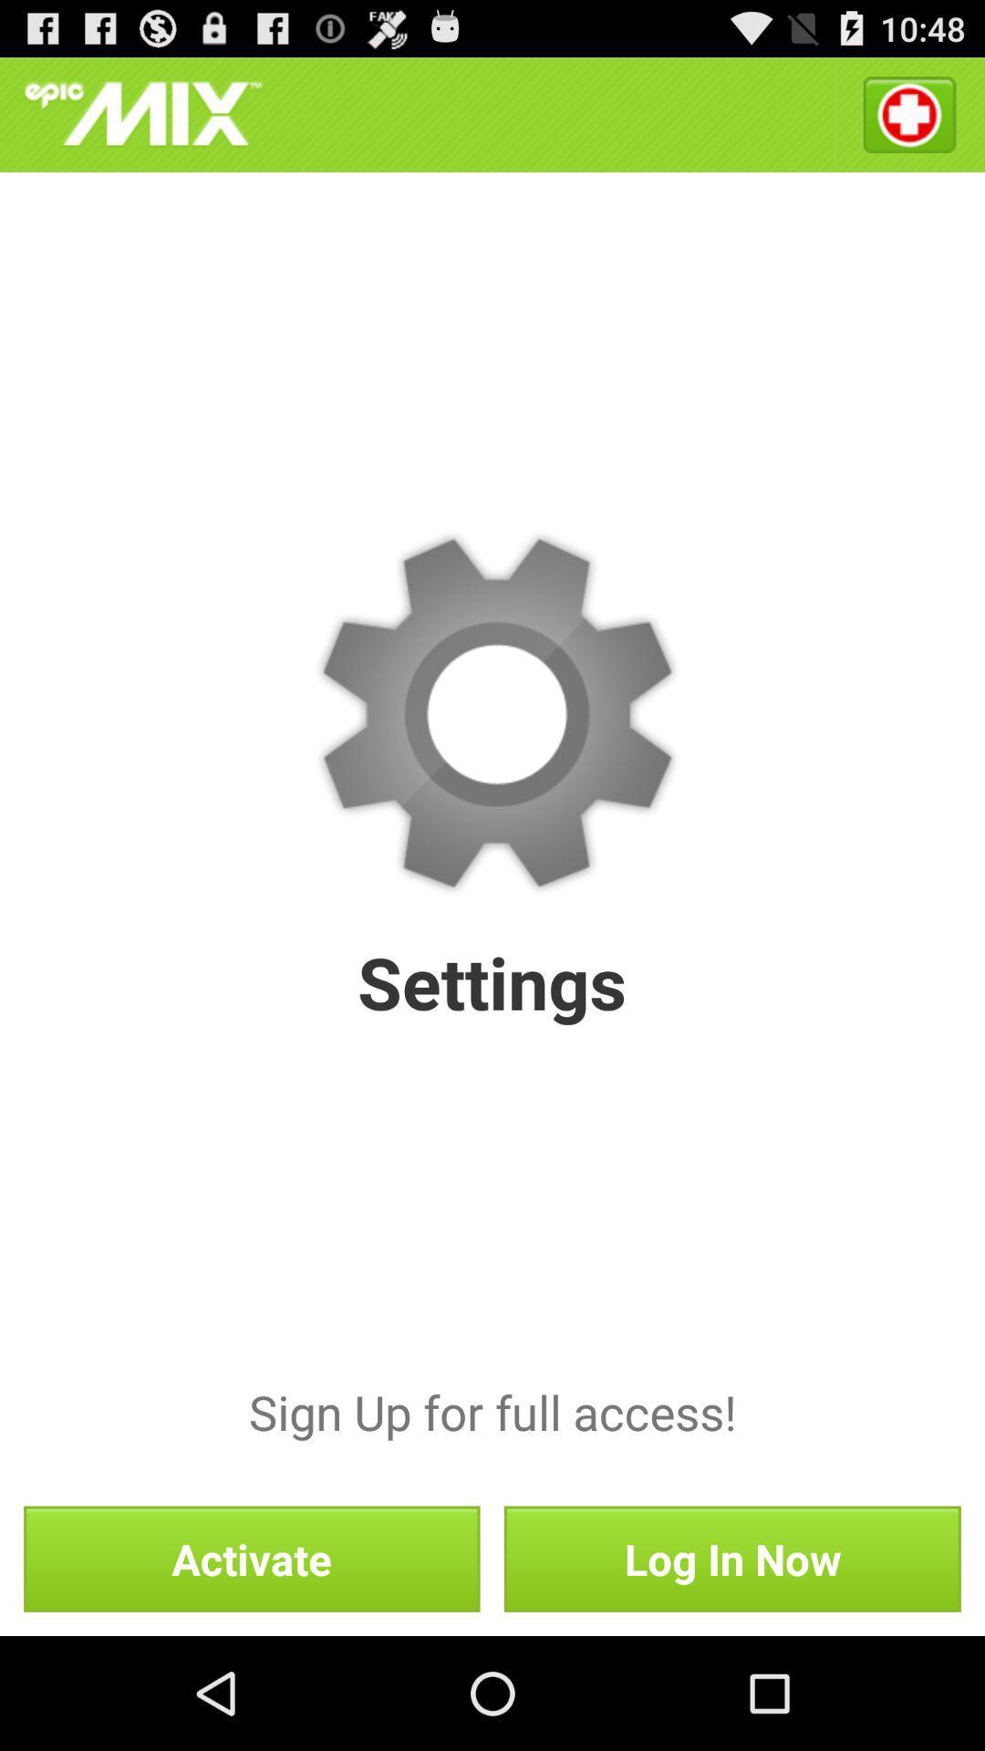  Describe the element at coordinates (731, 1558) in the screenshot. I see `the icon to the right of activate button` at that location.